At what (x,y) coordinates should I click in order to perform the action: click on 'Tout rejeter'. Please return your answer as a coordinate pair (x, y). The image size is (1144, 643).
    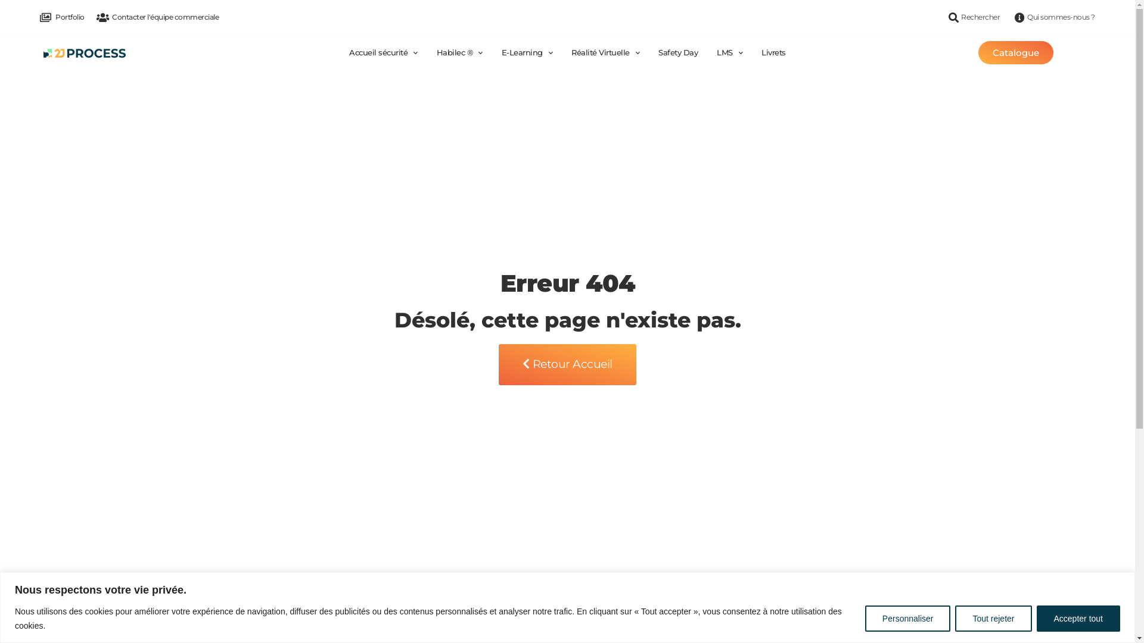
    Looking at the image, I should click on (955, 617).